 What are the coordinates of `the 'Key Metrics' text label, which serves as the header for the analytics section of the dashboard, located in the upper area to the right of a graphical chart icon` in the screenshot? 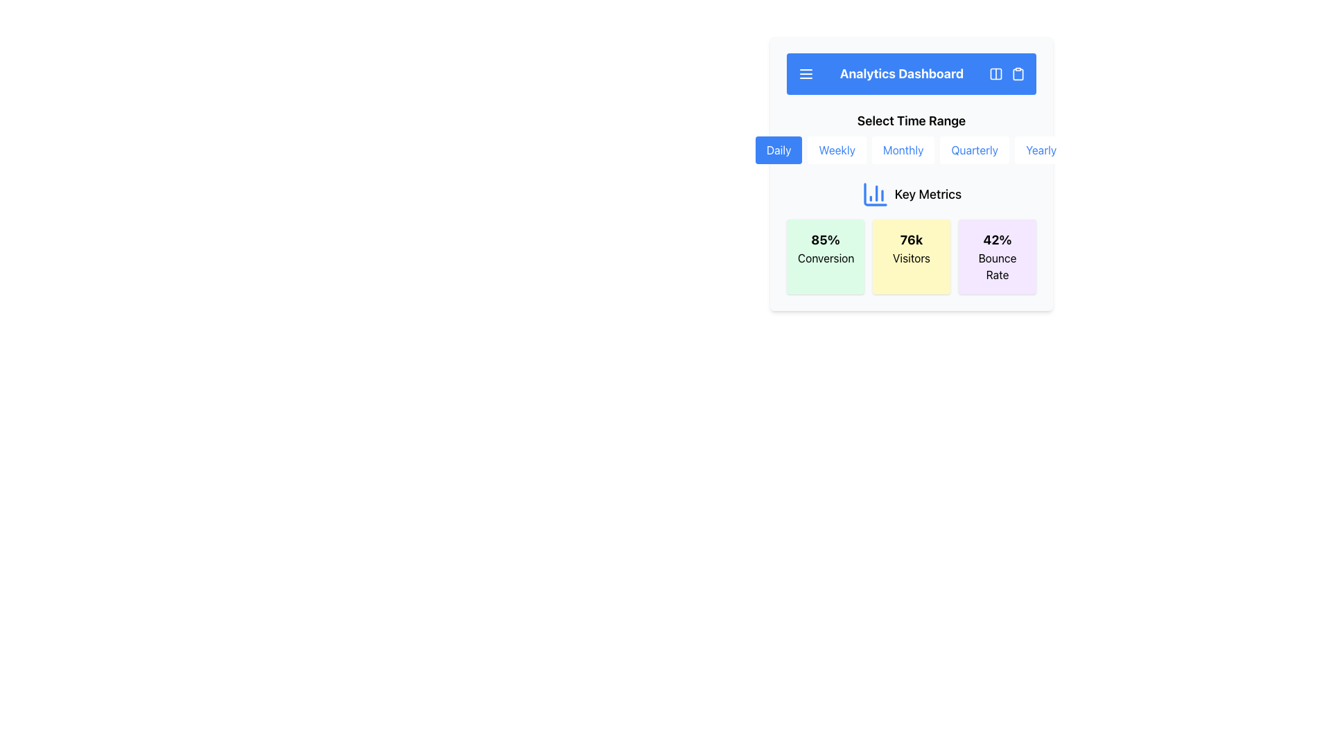 It's located at (928, 195).